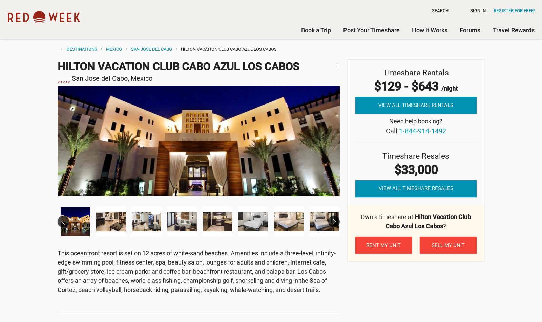  I want to click on '?', so click(444, 226).